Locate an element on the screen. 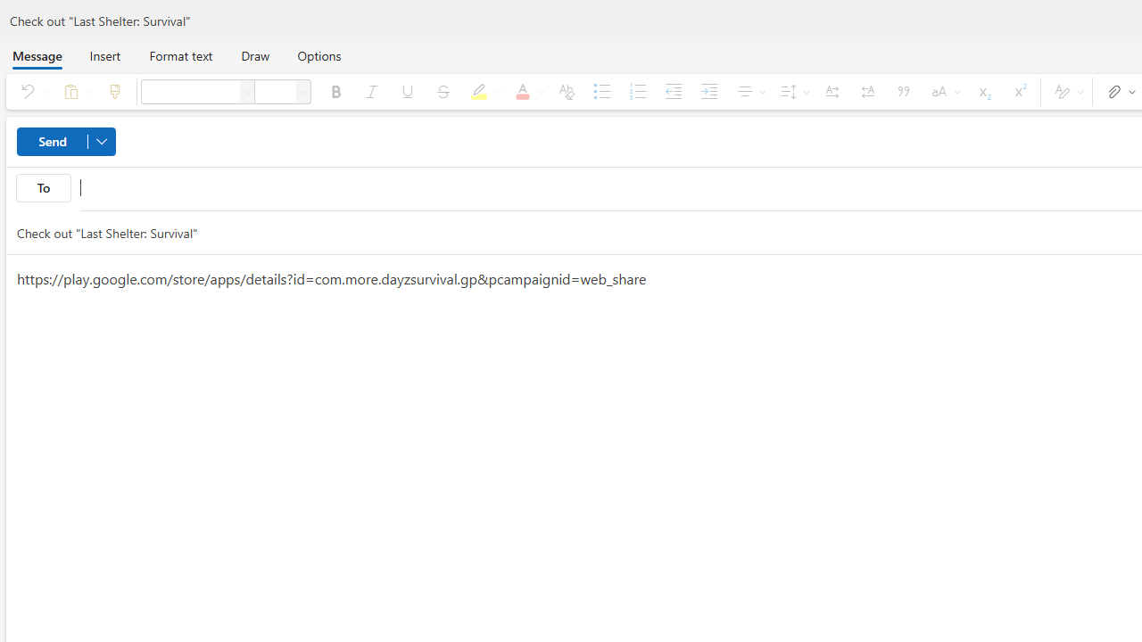  'Superscript' is located at coordinates (1019, 91).